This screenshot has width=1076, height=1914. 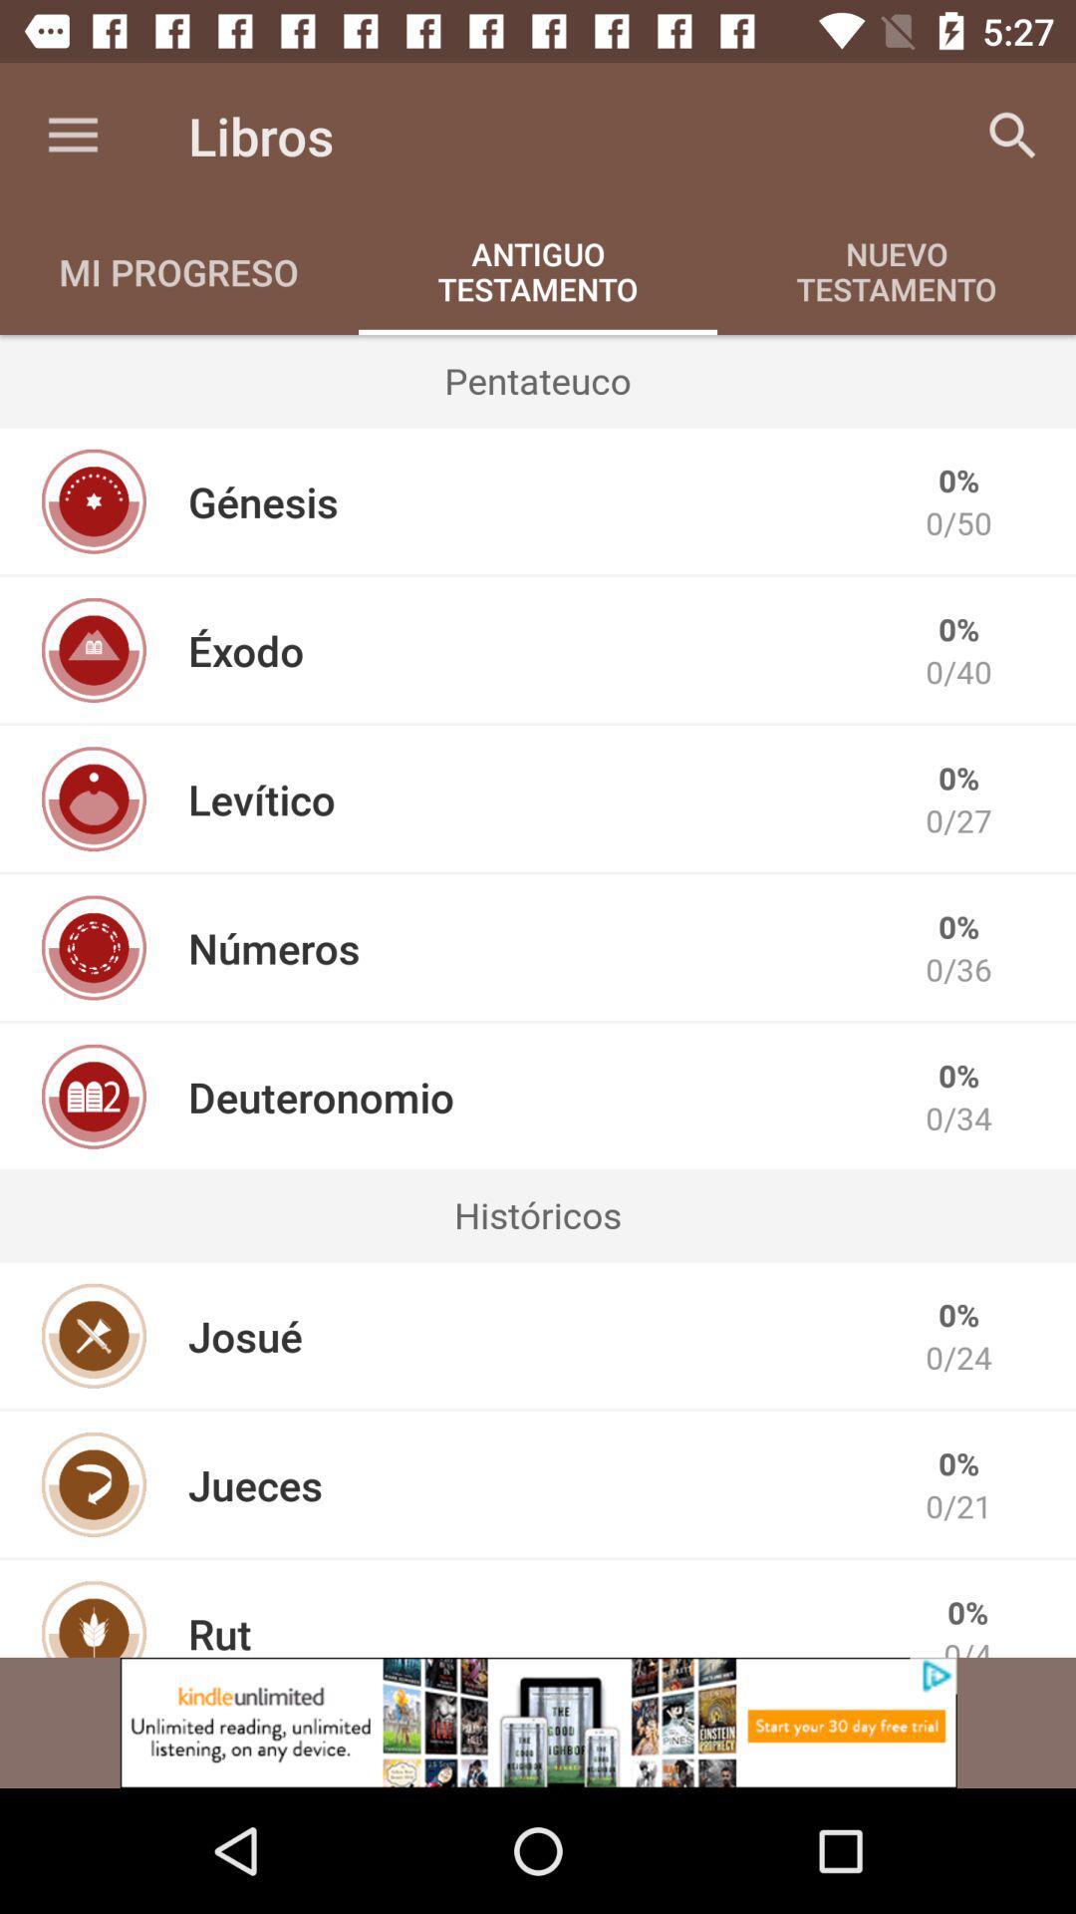 I want to click on the item next to the 0/27, so click(x=260, y=798).